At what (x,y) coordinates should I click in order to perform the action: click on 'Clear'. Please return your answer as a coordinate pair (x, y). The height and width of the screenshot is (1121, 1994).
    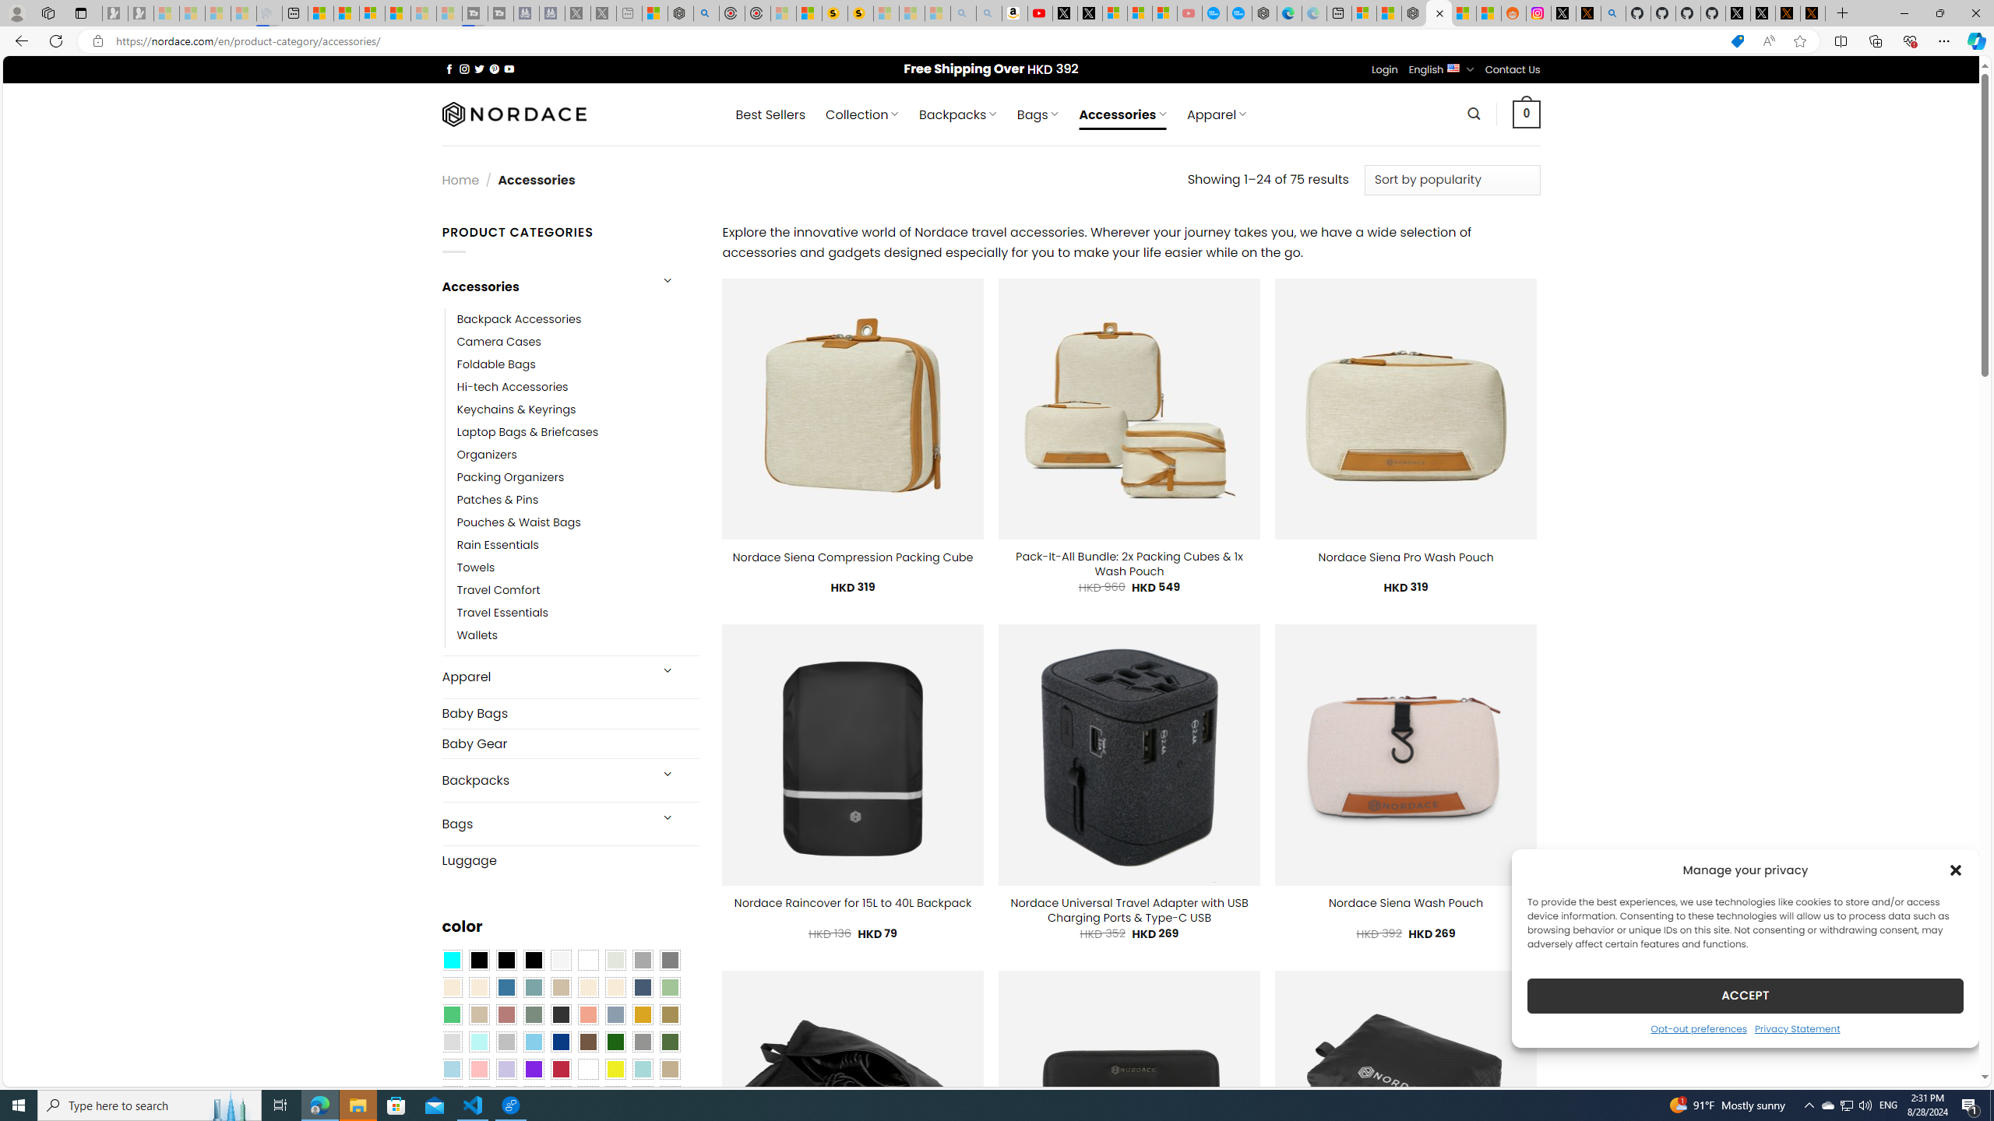
    Looking at the image, I should click on (587, 960).